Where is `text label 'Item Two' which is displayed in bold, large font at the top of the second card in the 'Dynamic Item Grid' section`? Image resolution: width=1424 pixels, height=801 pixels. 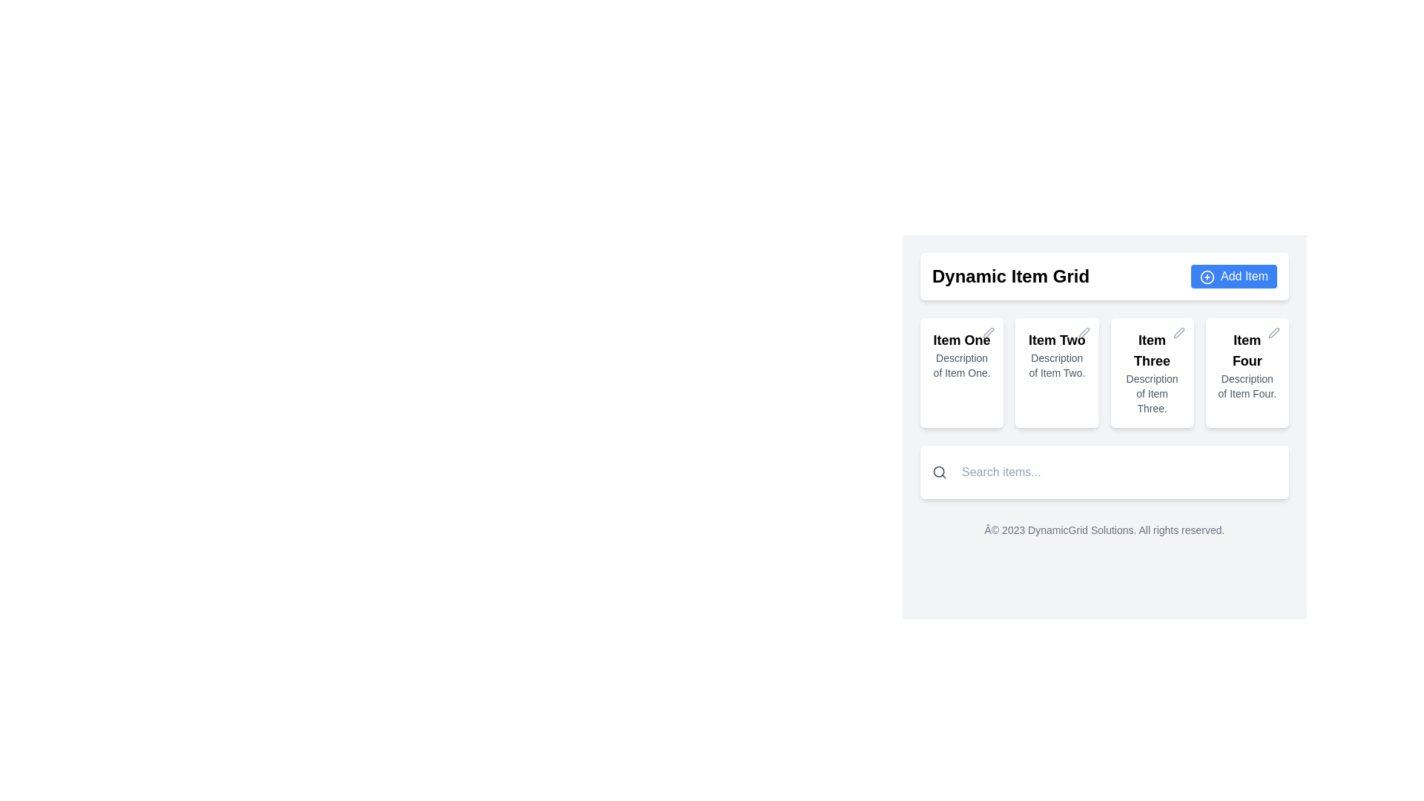
text label 'Item Two' which is displayed in bold, large font at the top of the second card in the 'Dynamic Item Grid' section is located at coordinates (1056, 340).